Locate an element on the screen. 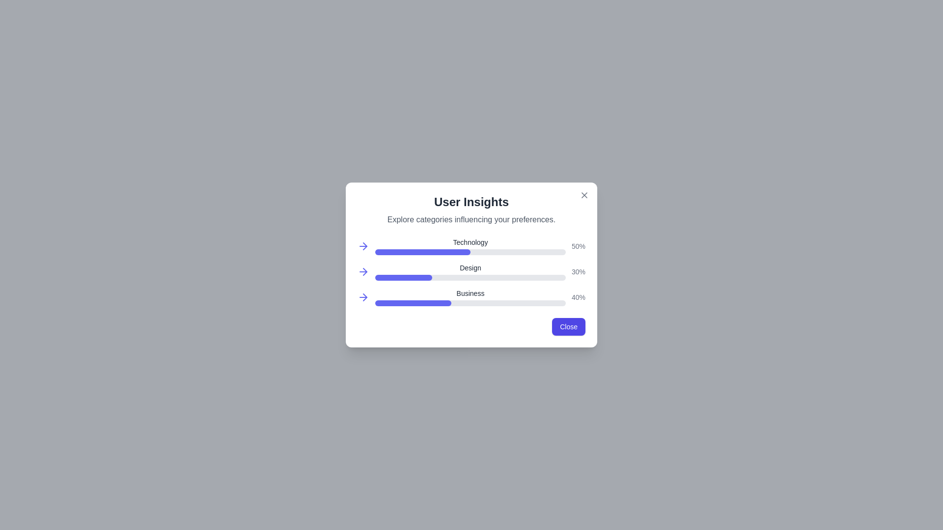 This screenshot has width=943, height=530. the close button (X) located at the top-right corner of the dialog is located at coordinates (584, 195).